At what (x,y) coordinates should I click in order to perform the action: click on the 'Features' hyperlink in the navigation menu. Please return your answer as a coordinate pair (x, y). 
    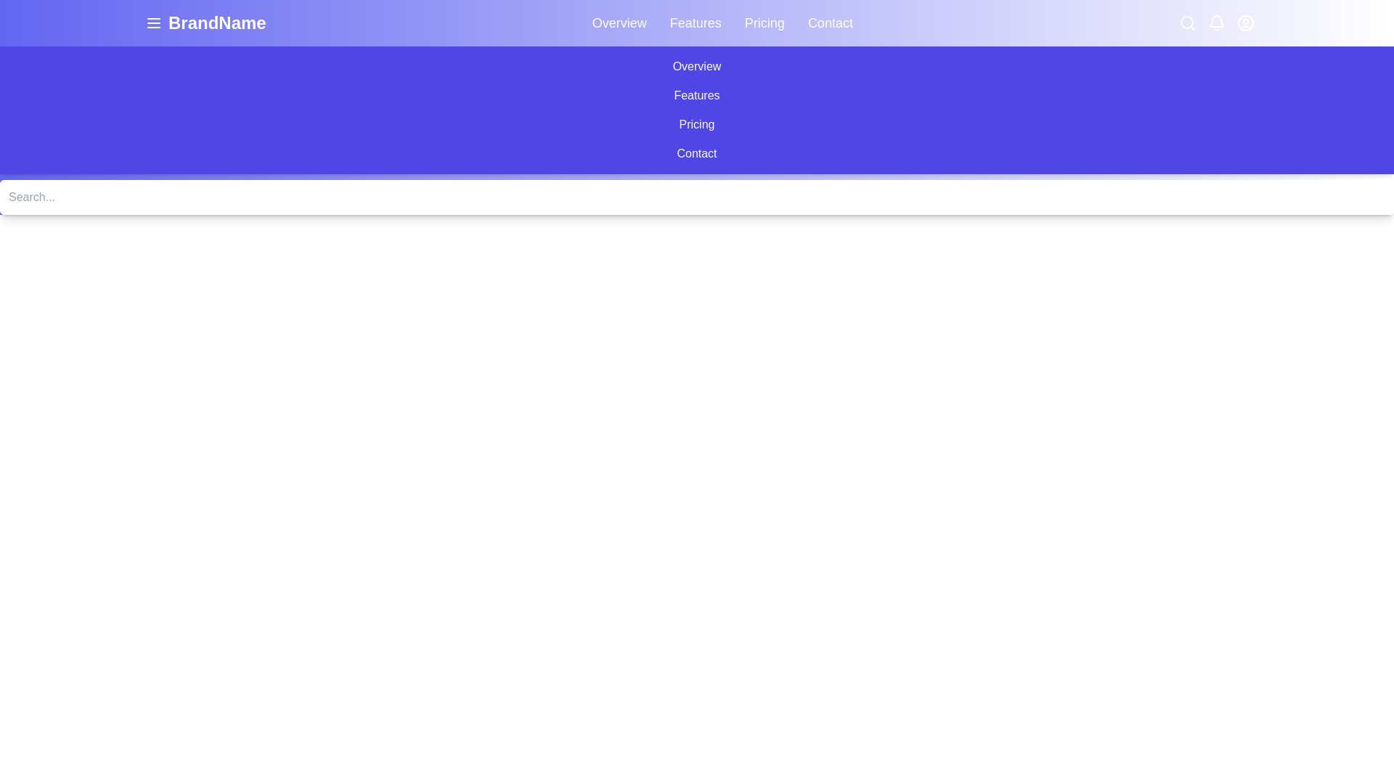
    Looking at the image, I should click on (695, 23).